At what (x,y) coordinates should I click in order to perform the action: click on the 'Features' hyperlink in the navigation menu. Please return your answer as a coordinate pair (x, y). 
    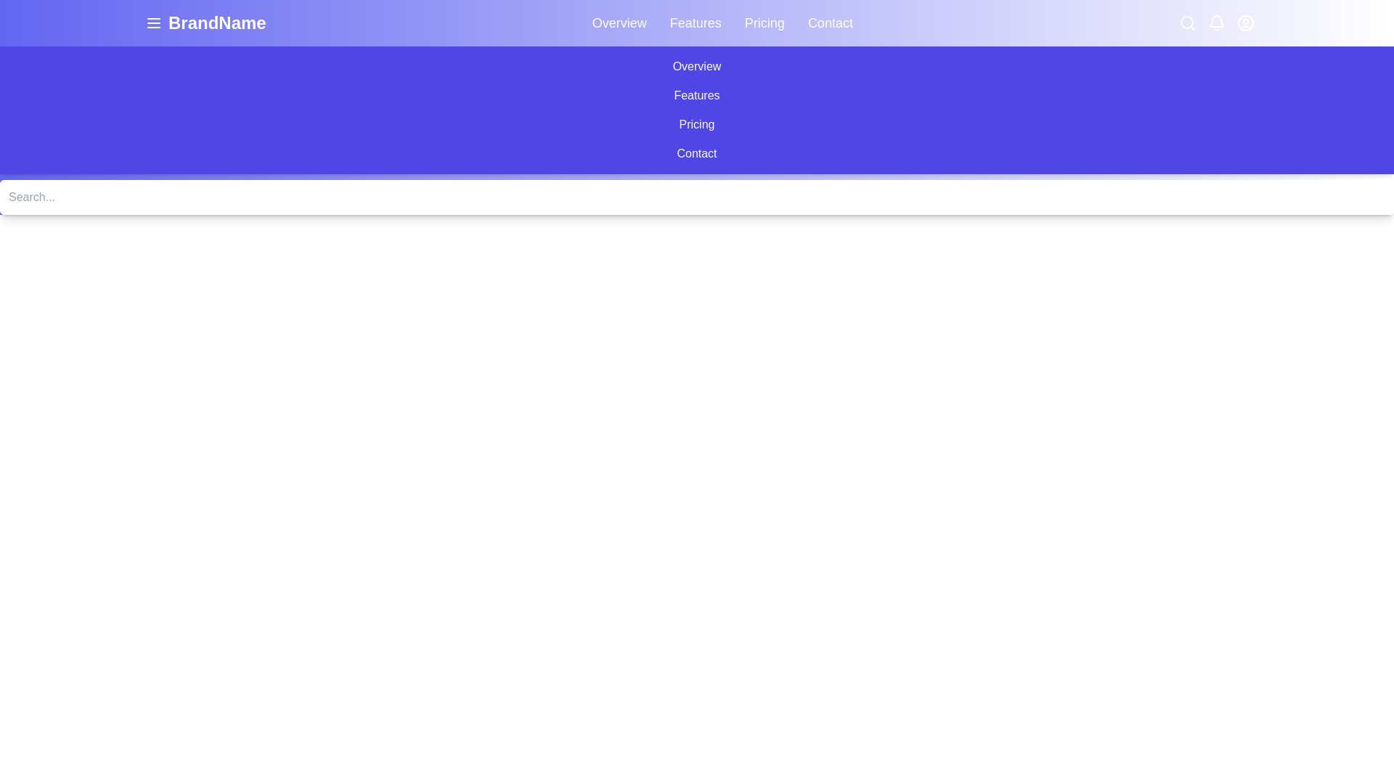
    Looking at the image, I should click on (695, 23).